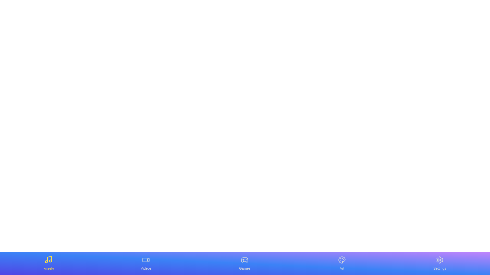 The image size is (490, 275). Describe the element at coordinates (244, 263) in the screenshot. I see `the tab labeled Games` at that location.